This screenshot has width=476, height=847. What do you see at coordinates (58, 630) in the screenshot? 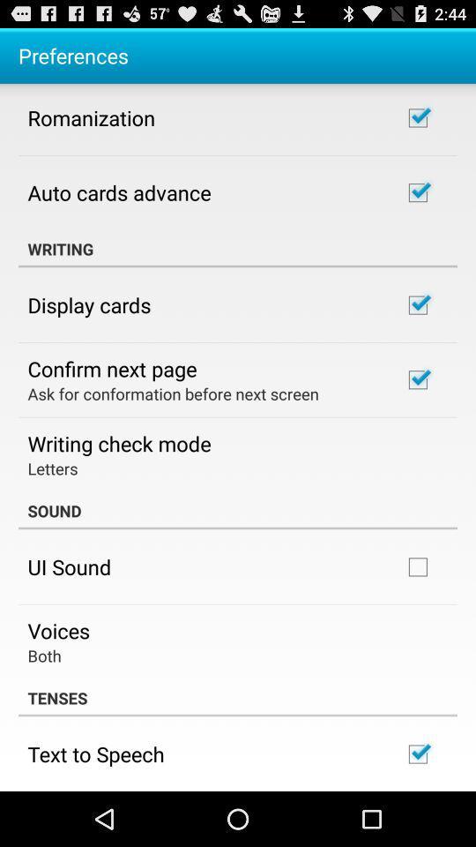
I see `the item above the both app` at bounding box center [58, 630].